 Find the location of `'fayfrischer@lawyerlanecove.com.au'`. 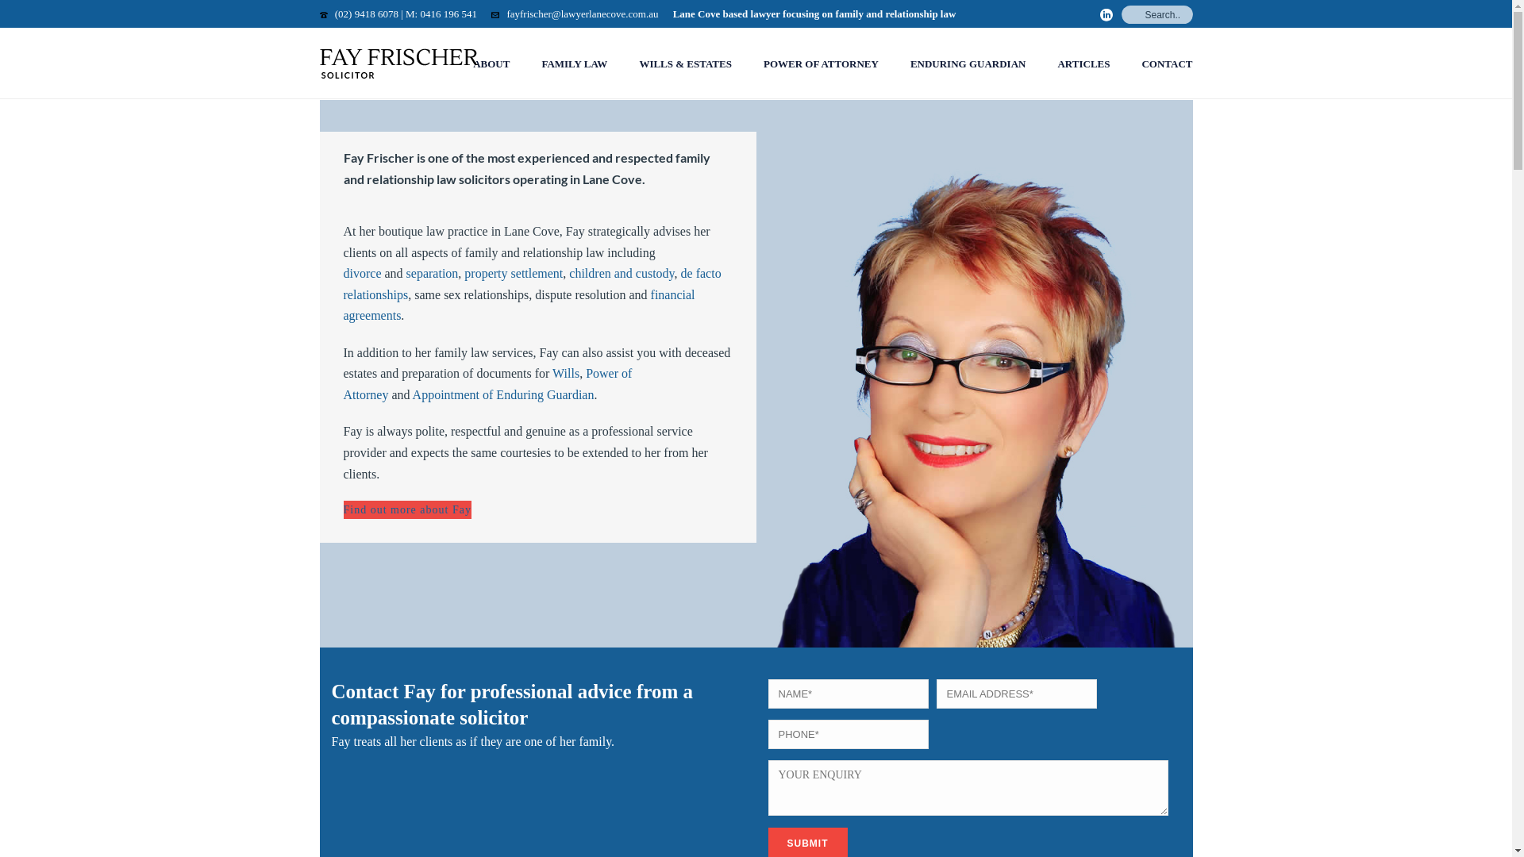

'fayfrischer@lawyerlanecove.com.au' is located at coordinates (581, 13).